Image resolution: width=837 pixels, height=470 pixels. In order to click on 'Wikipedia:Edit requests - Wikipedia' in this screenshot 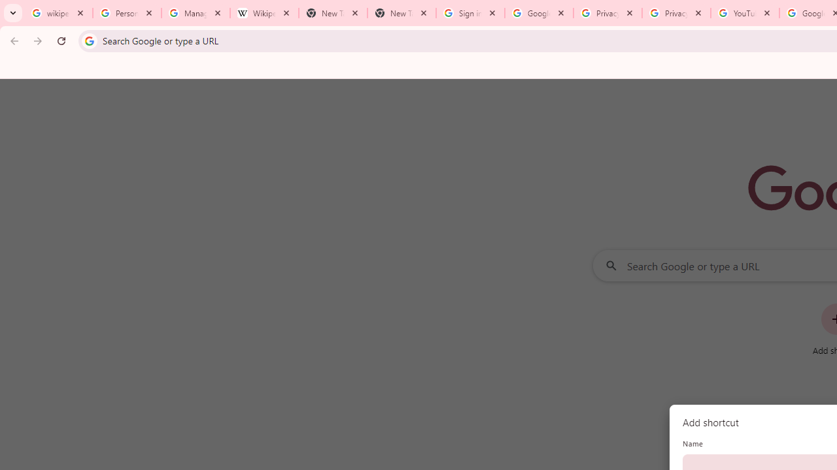, I will do `click(264, 13)`.